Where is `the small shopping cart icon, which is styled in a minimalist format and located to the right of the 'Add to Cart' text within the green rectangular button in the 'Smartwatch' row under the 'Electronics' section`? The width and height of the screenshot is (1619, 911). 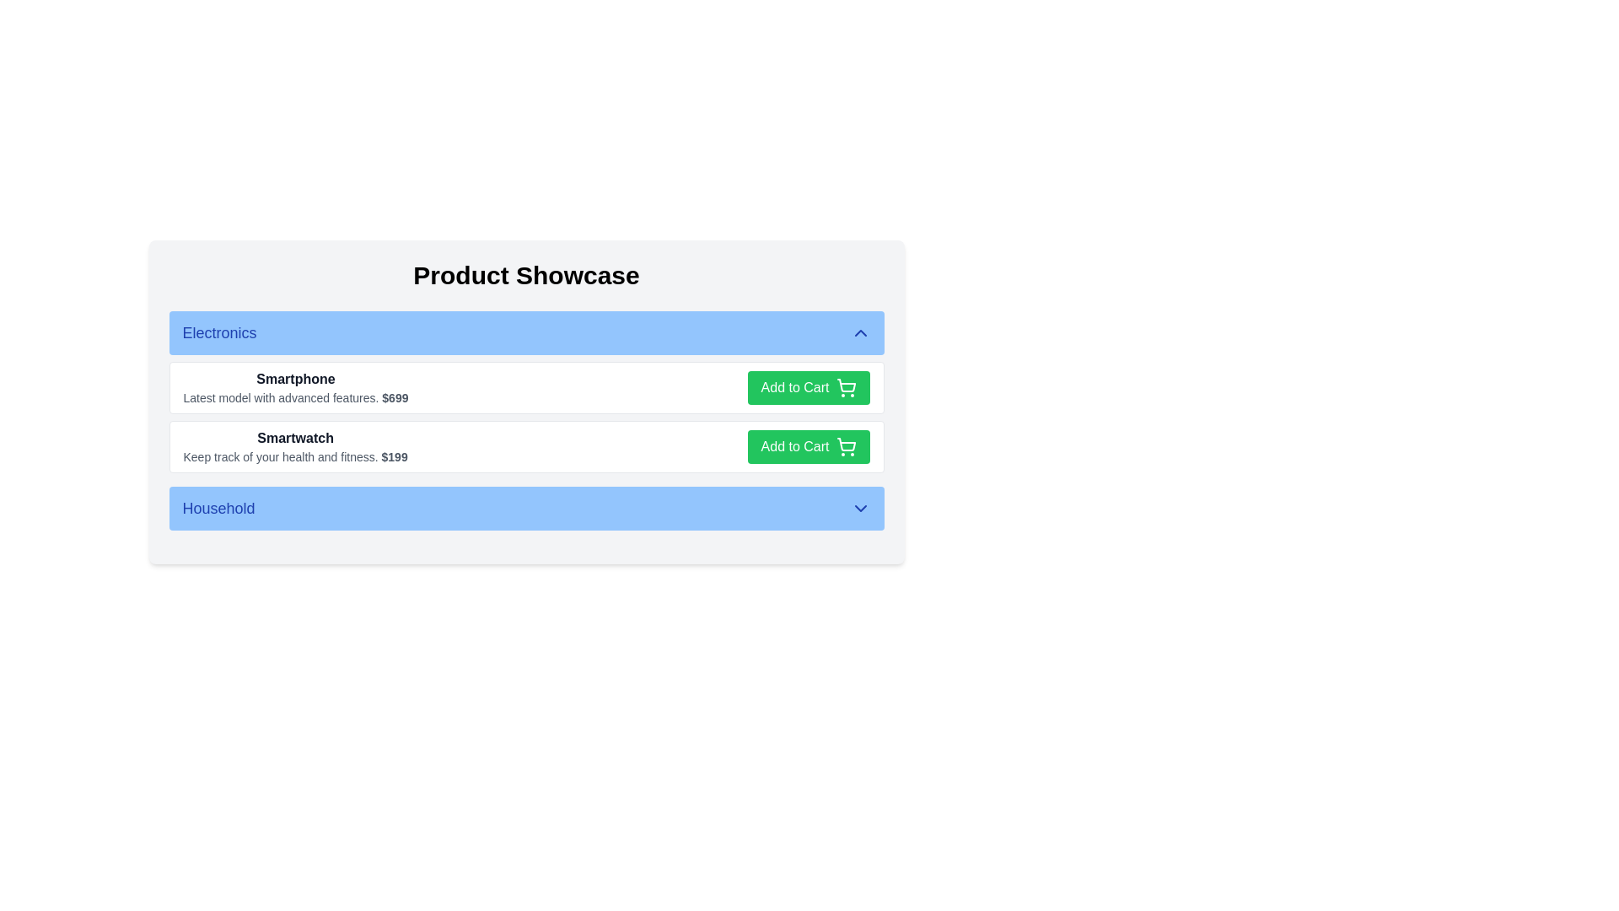 the small shopping cart icon, which is styled in a minimalist format and located to the right of the 'Add to Cart' text within the green rectangular button in the 'Smartwatch' row under the 'Electronics' section is located at coordinates (846, 445).